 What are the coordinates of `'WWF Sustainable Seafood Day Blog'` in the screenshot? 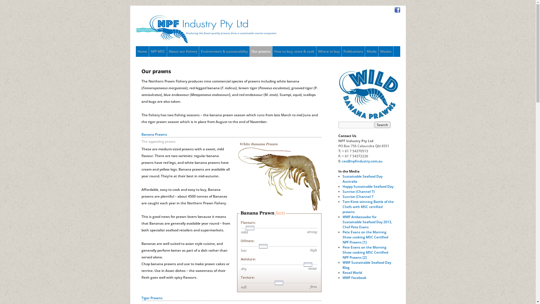 It's located at (367, 265).